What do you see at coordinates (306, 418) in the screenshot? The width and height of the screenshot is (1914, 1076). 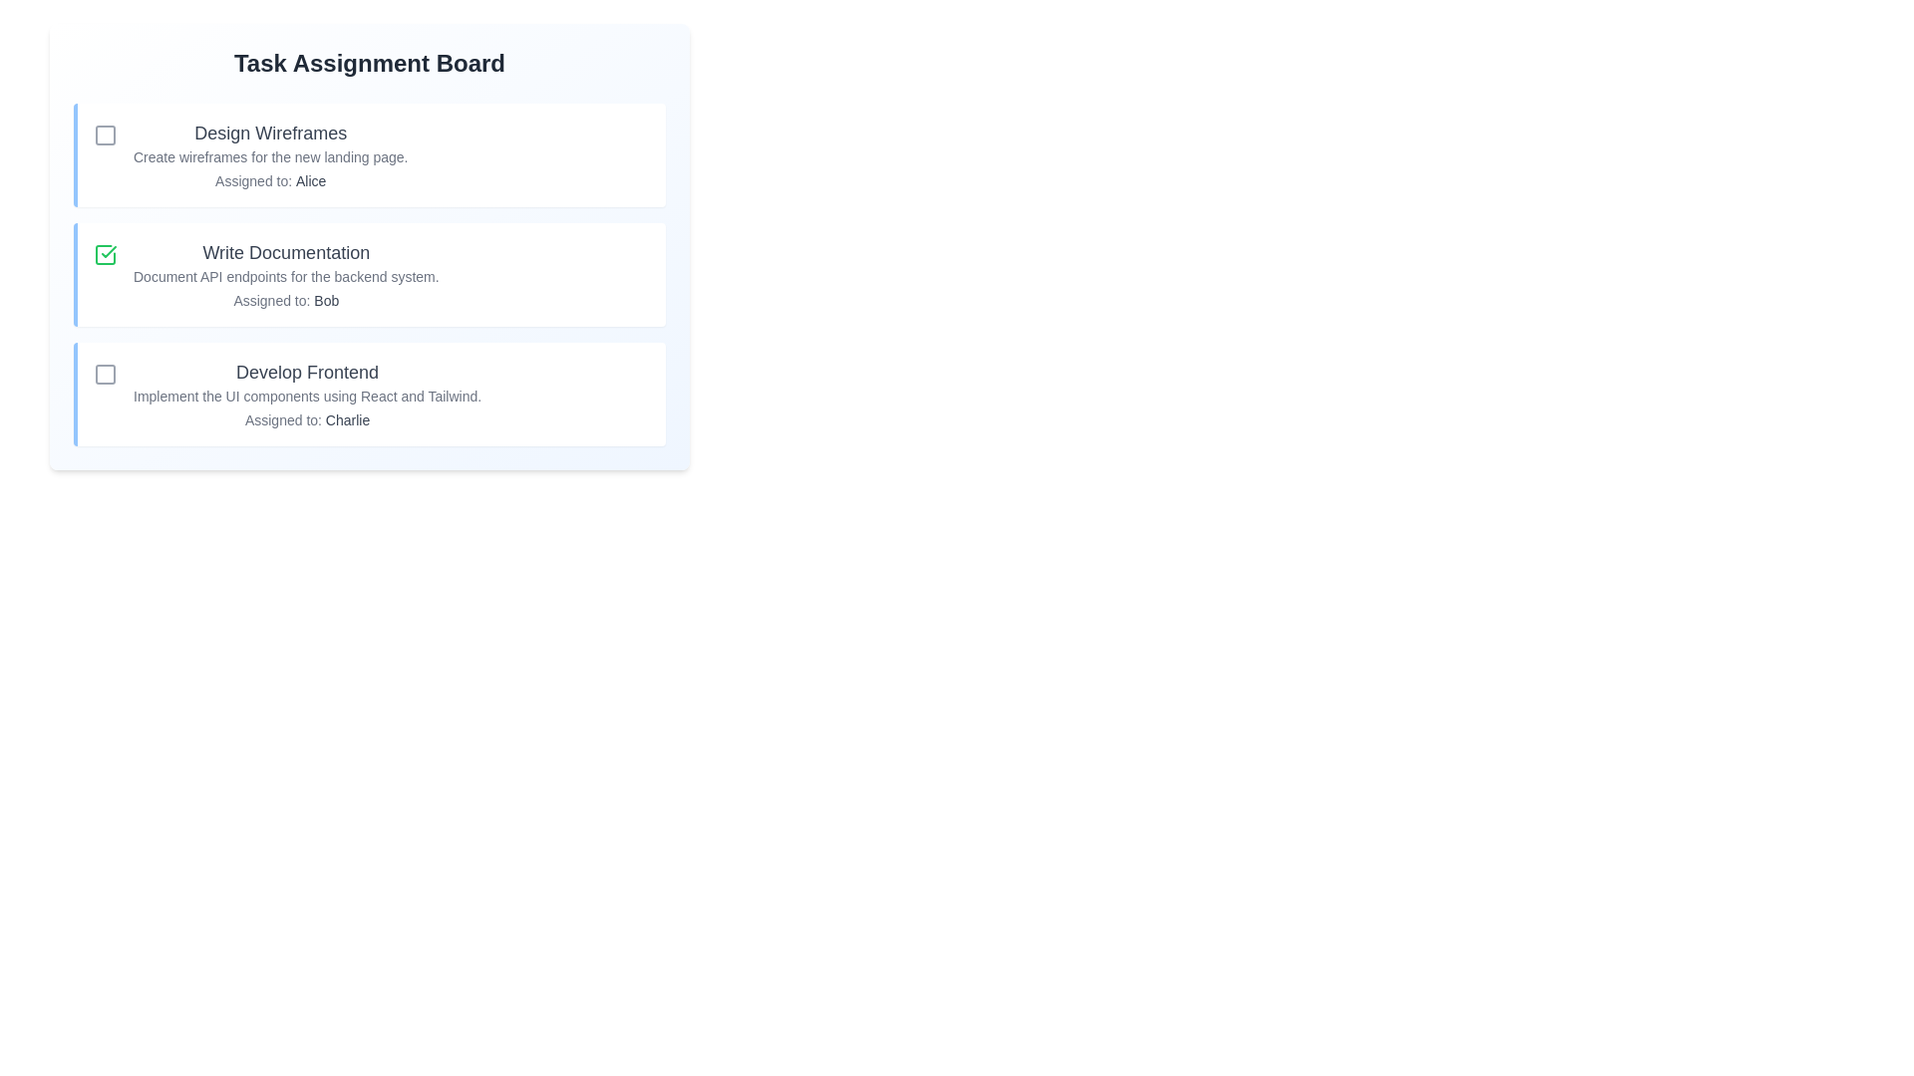 I see `the text label that states 'Assigned to: Charlie' located at the bottom of the 'Develop Frontend' task card, which is aligned to the left side` at bounding box center [306, 418].